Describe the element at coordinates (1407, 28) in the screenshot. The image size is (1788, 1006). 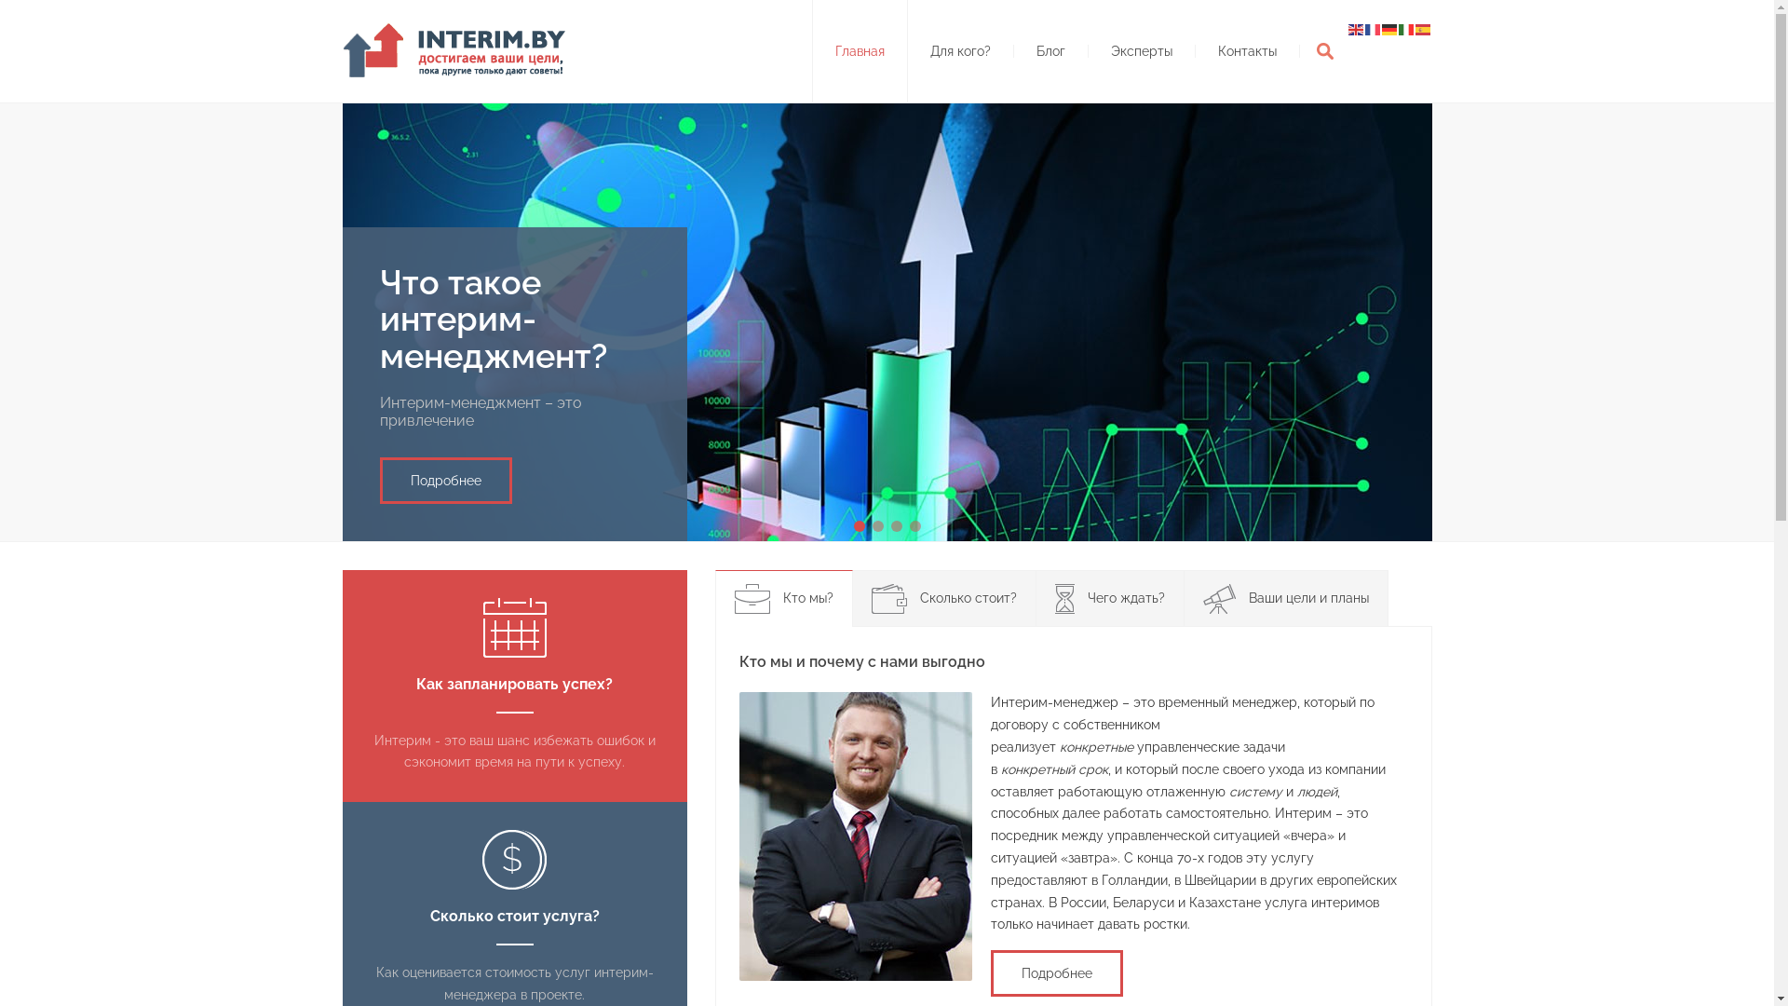
I see `'Italian'` at that location.